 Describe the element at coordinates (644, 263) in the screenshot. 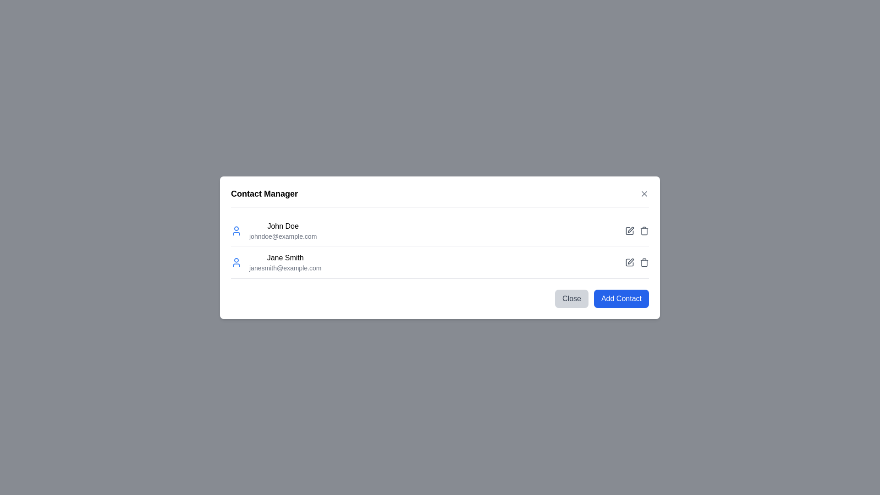

I see `the trash can delete icon located next to the edit action for the second contact (Jane Smith) in the interface to initiate deletion` at that location.